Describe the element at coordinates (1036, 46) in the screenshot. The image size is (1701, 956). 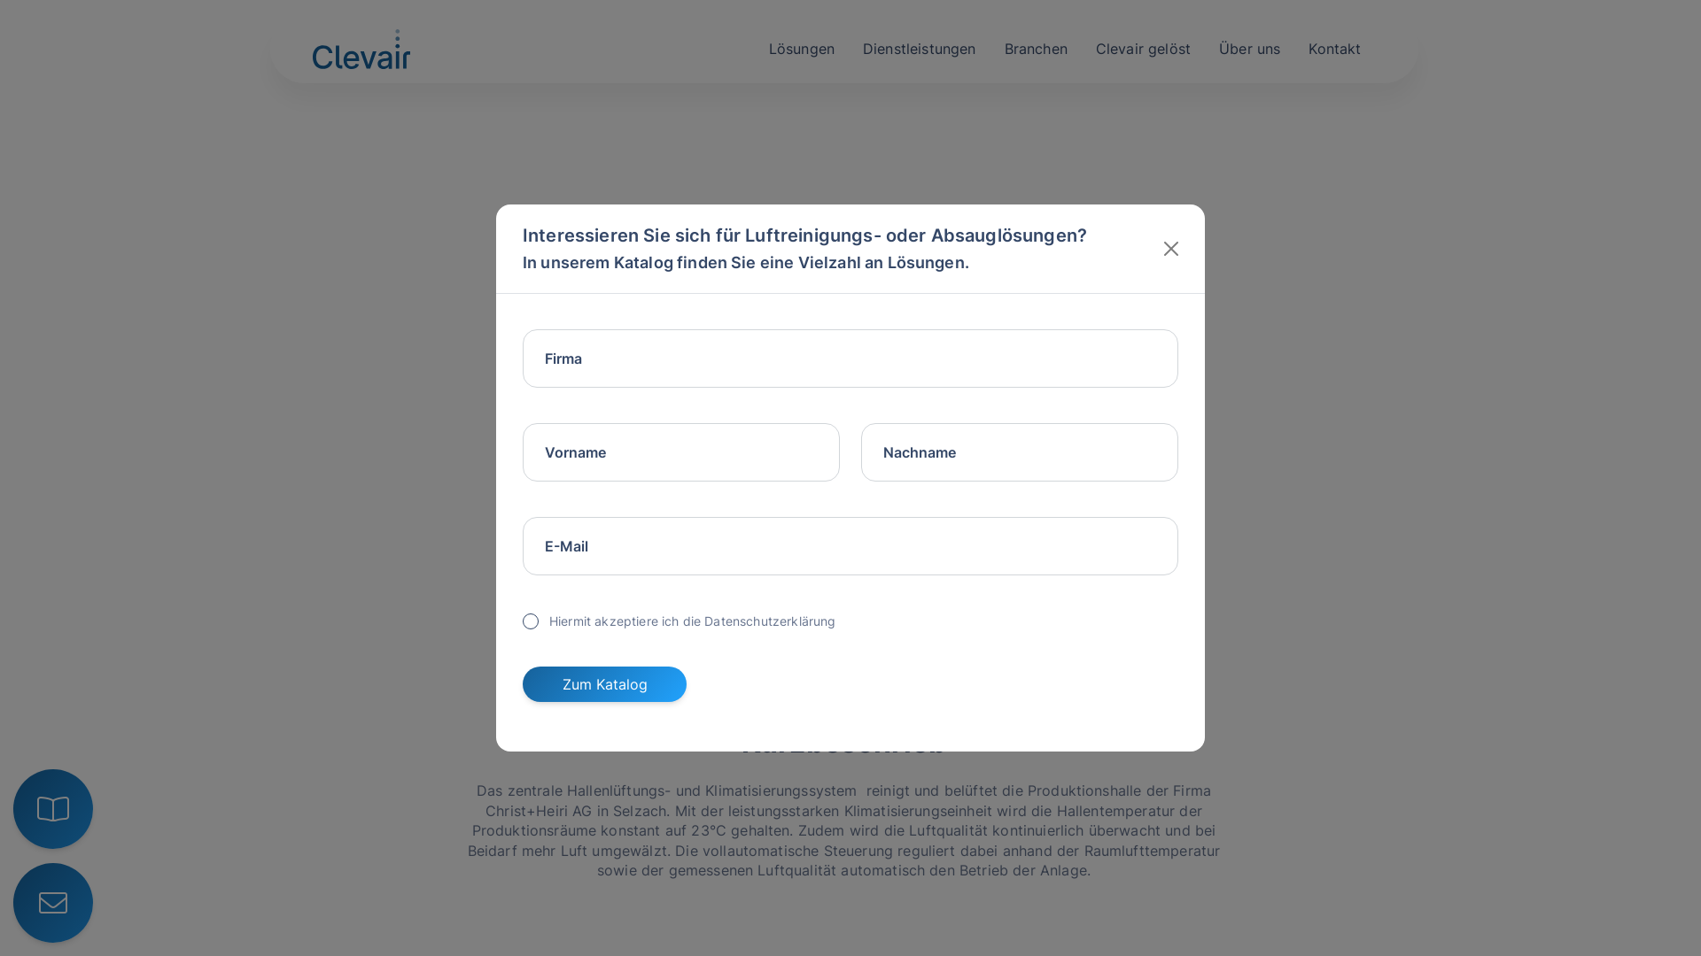
I see `'Branchen'` at that location.